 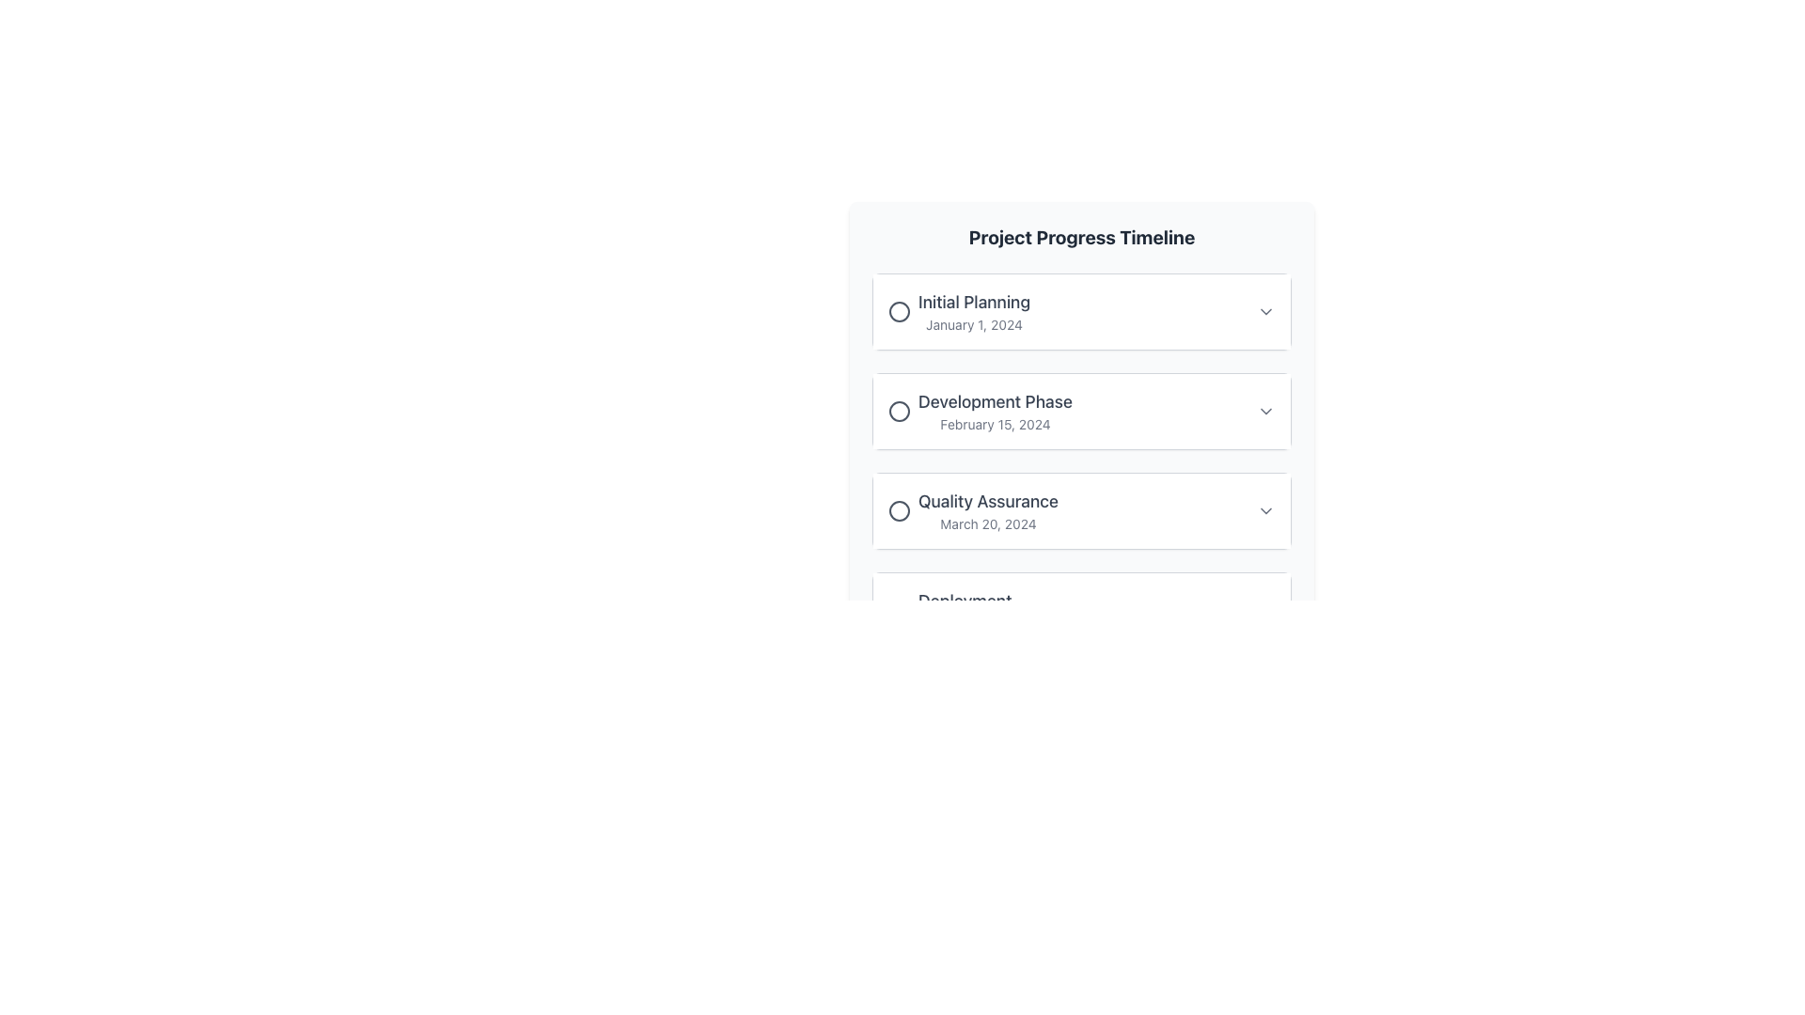 What do you see at coordinates (1266, 411) in the screenshot?
I see `the dropdown toggle icon located at the right end of the 'Development Phase February 15, 2024' section` at bounding box center [1266, 411].